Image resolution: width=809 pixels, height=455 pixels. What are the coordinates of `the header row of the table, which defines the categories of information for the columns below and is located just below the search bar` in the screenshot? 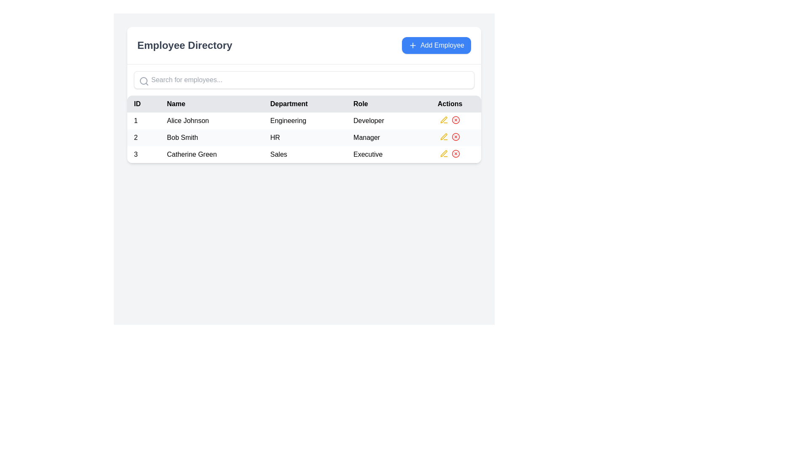 It's located at (303, 103).